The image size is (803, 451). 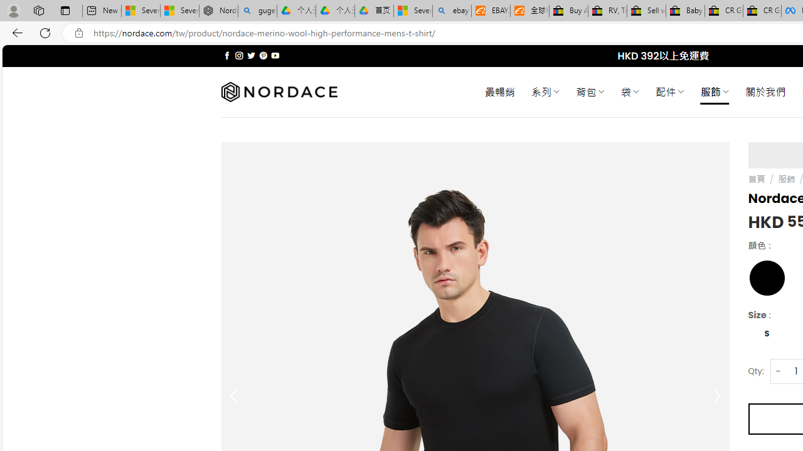 What do you see at coordinates (257, 11) in the screenshot?
I see `'guge yunpan - Search'` at bounding box center [257, 11].